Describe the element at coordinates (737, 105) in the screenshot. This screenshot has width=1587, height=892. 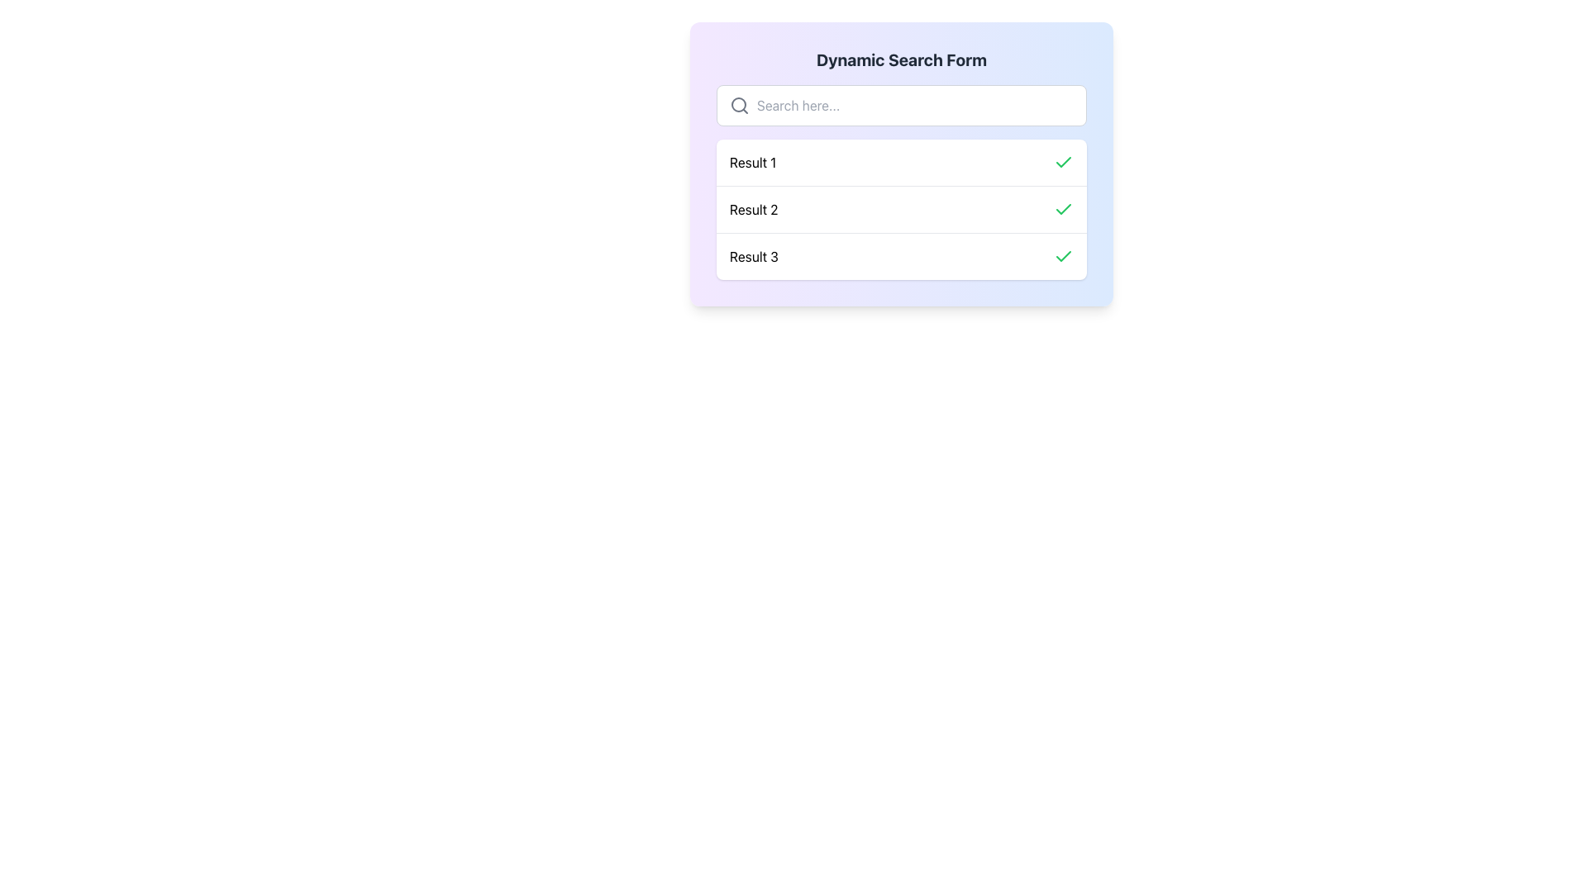
I see `the inner circle of the search icon represented as a Decorative SVG circle, which is styled as an SVG circle with a radius of 8px` at that location.